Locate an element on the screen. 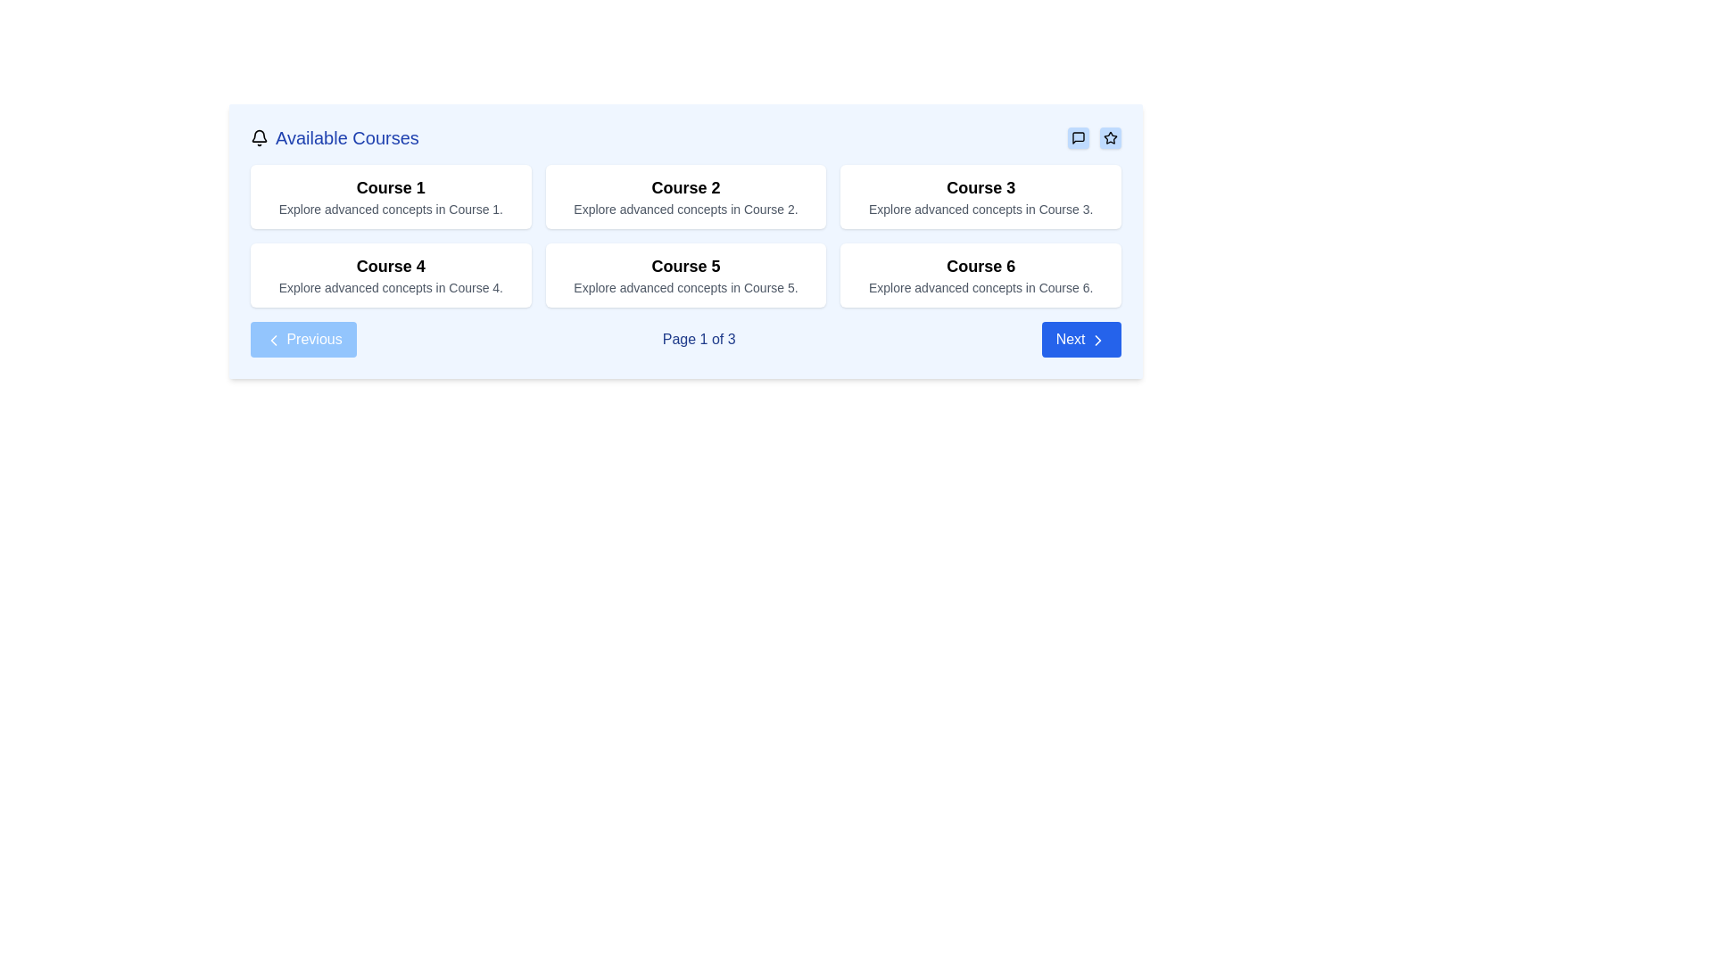 The height and width of the screenshot is (963, 1713). the chevron icon located on the right edge of the 'Next' button in the lower-right corner of the card layout for navigation is located at coordinates (1096, 340).